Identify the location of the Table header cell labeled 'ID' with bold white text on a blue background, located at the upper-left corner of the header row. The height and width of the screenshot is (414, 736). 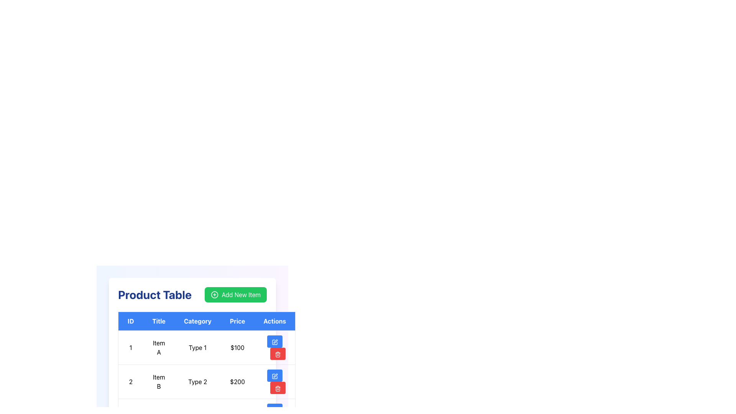
(130, 321).